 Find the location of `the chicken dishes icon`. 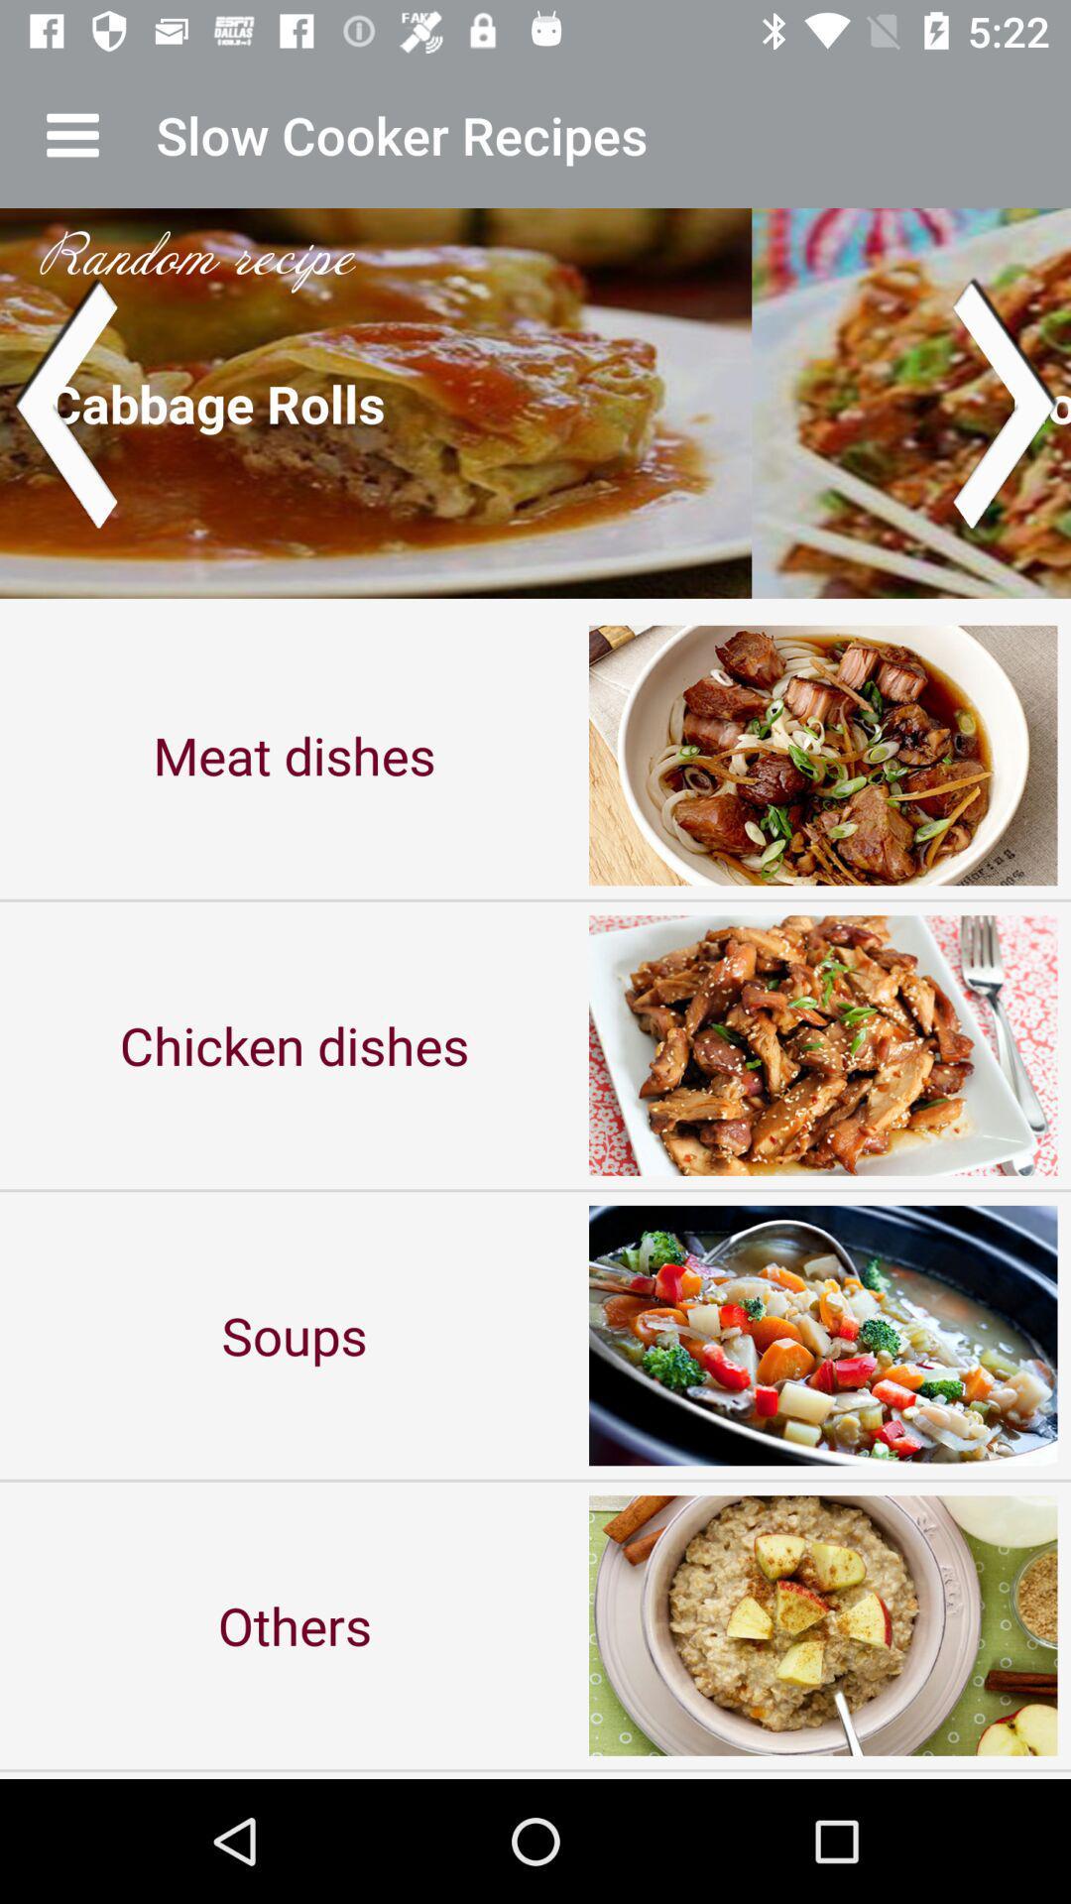

the chicken dishes icon is located at coordinates (295, 1044).